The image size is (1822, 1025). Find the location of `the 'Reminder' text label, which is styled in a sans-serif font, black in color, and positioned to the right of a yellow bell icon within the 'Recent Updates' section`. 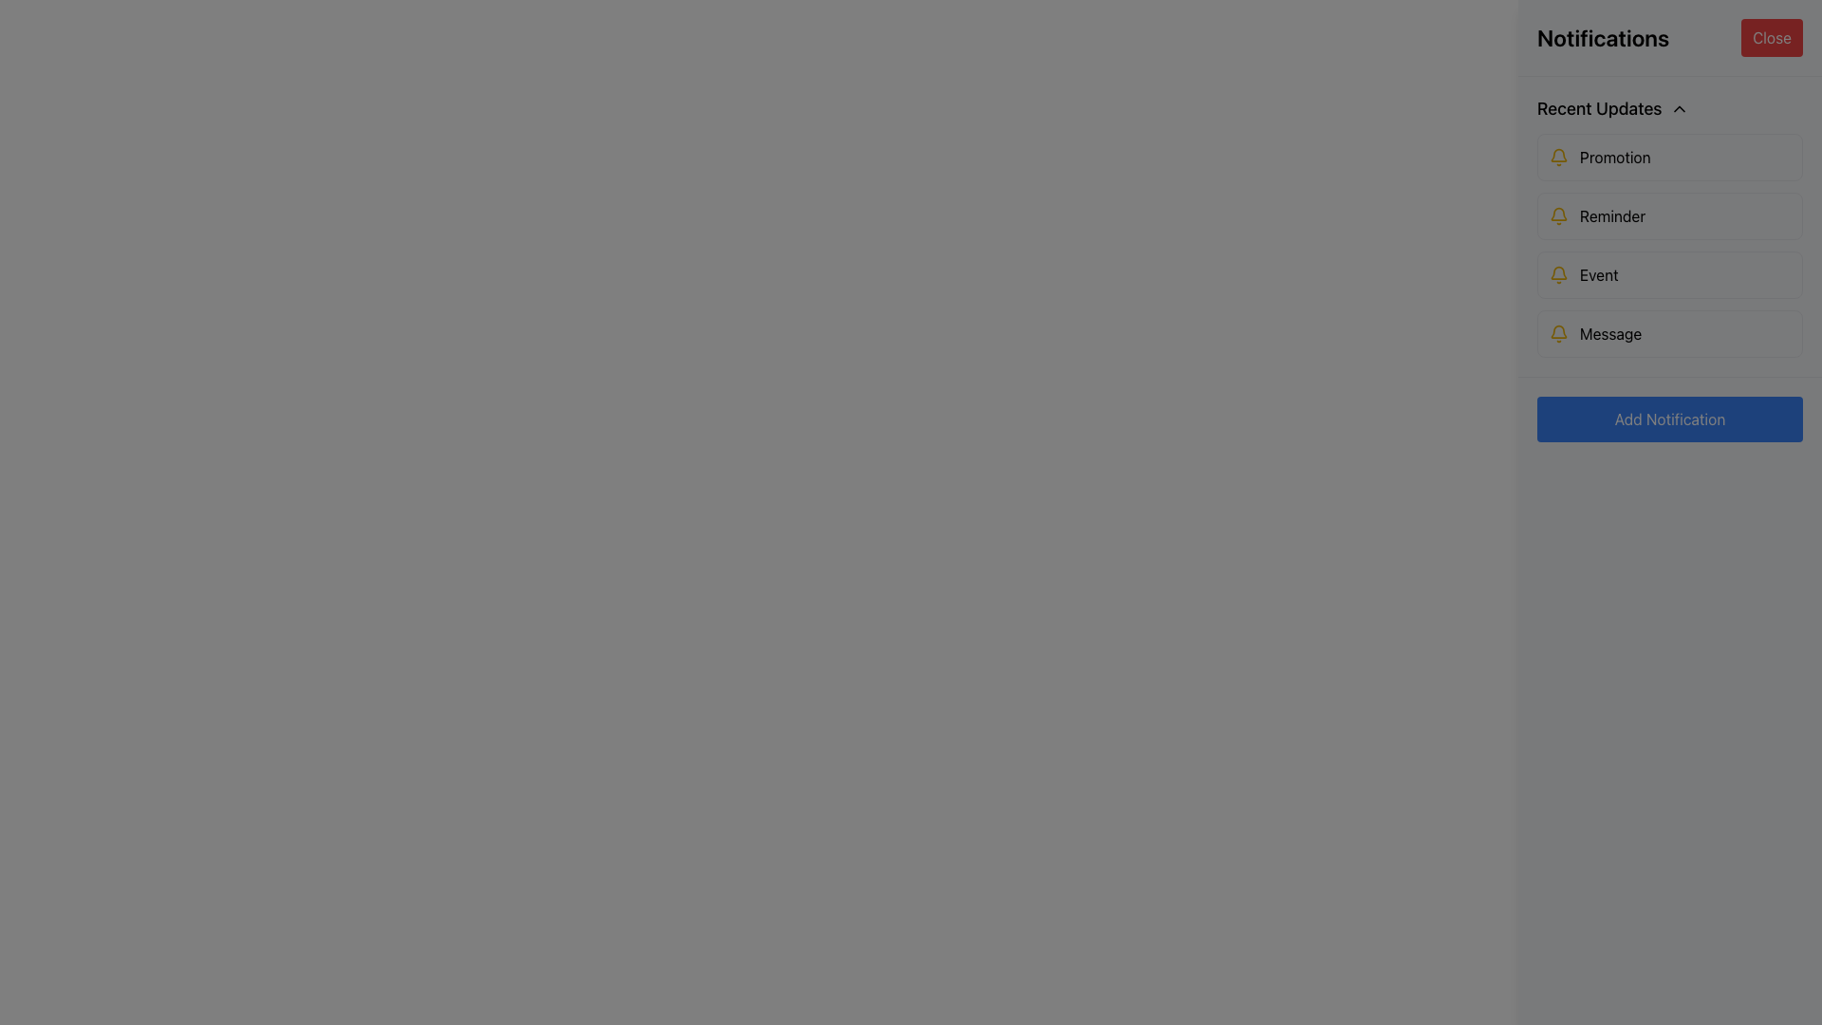

the 'Reminder' text label, which is styled in a sans-serif font, black in color, and positioned to the right of a yellow bell icon within the 'Recent Updates' section is located at coordinates (1611, 214).